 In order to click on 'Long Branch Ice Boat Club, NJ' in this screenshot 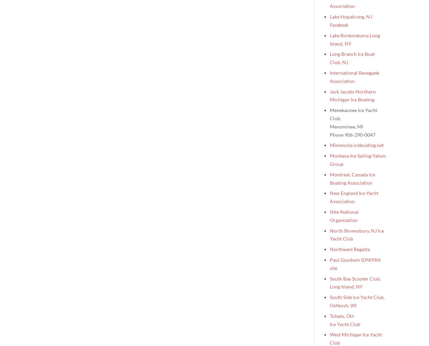, I will do `click(352, 58)`.